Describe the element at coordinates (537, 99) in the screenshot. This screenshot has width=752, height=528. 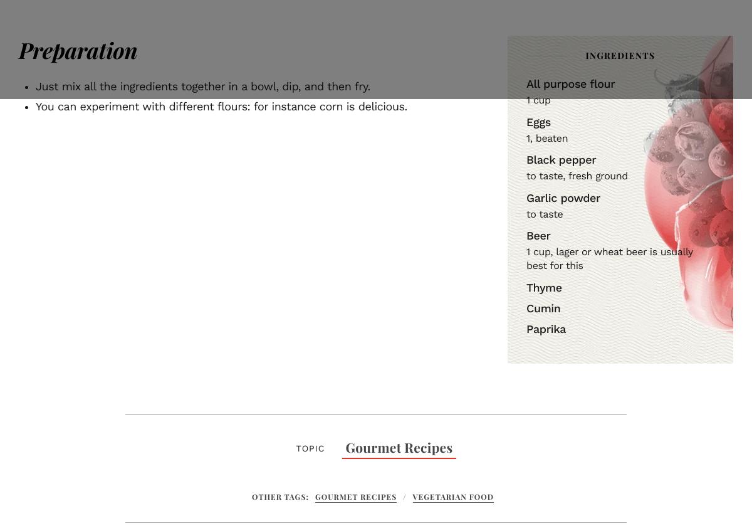
I see `'1 cup'` at that location.